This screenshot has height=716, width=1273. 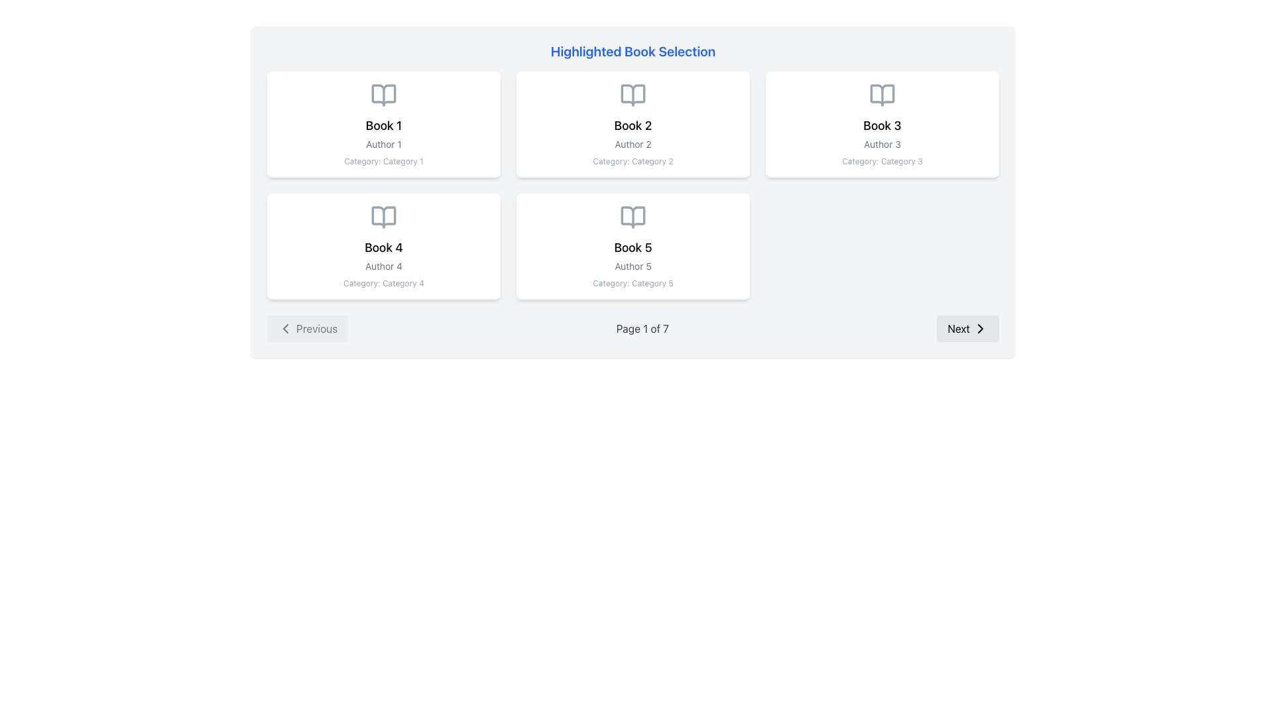 What do you see at coordinates (642, 328) in the screenshot?
I see `the text label displaying 'Page 1 of 7', which is centered in the bottom navigation bar and styled in light gray sans-serif font` at bounding box center [642, 328].